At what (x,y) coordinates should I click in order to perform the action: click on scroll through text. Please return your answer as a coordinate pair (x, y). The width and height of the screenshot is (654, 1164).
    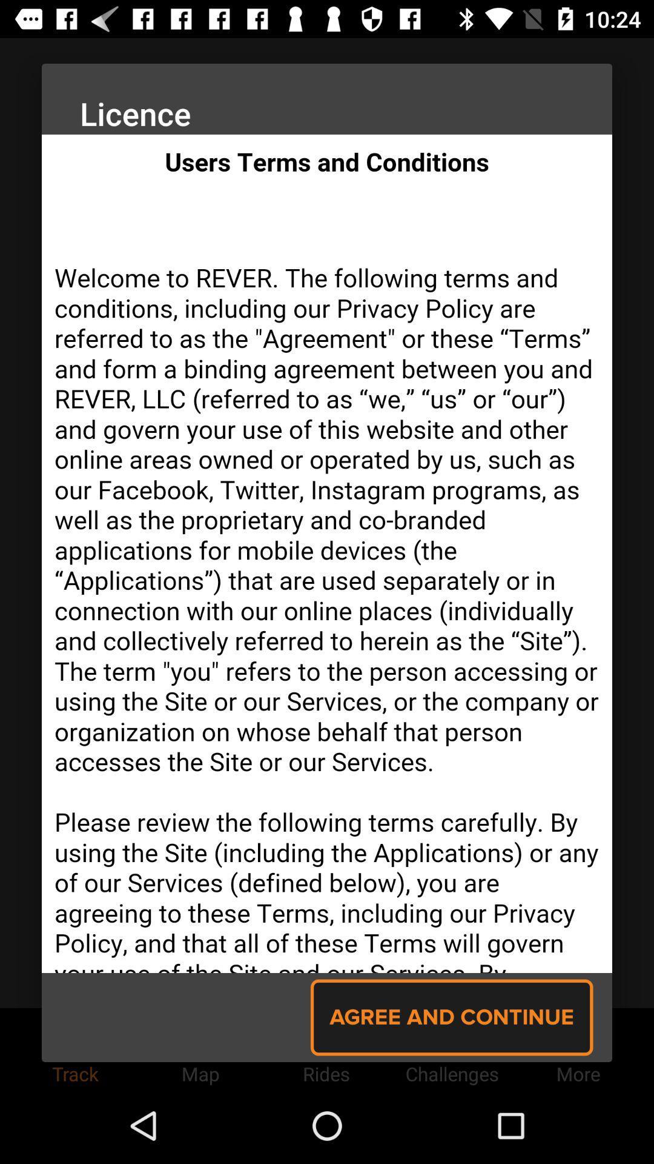
    Looking at the image, I should click on (327, 553).